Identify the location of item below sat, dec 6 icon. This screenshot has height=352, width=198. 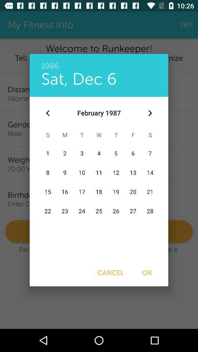
(48, 113).